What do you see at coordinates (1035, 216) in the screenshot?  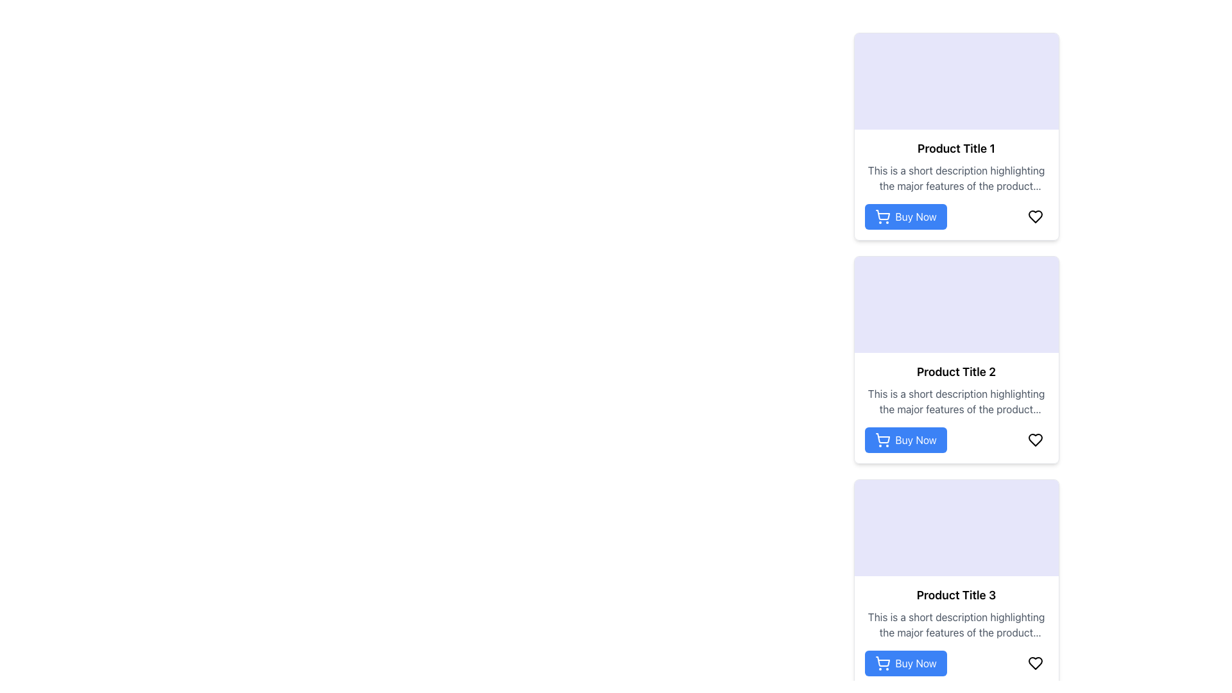 I see `the heart-shaped icon, which is an outlined vector graphic located in the top-right corner of the product card titled 'Product Title 1'` at bounding box center [1035, 216].